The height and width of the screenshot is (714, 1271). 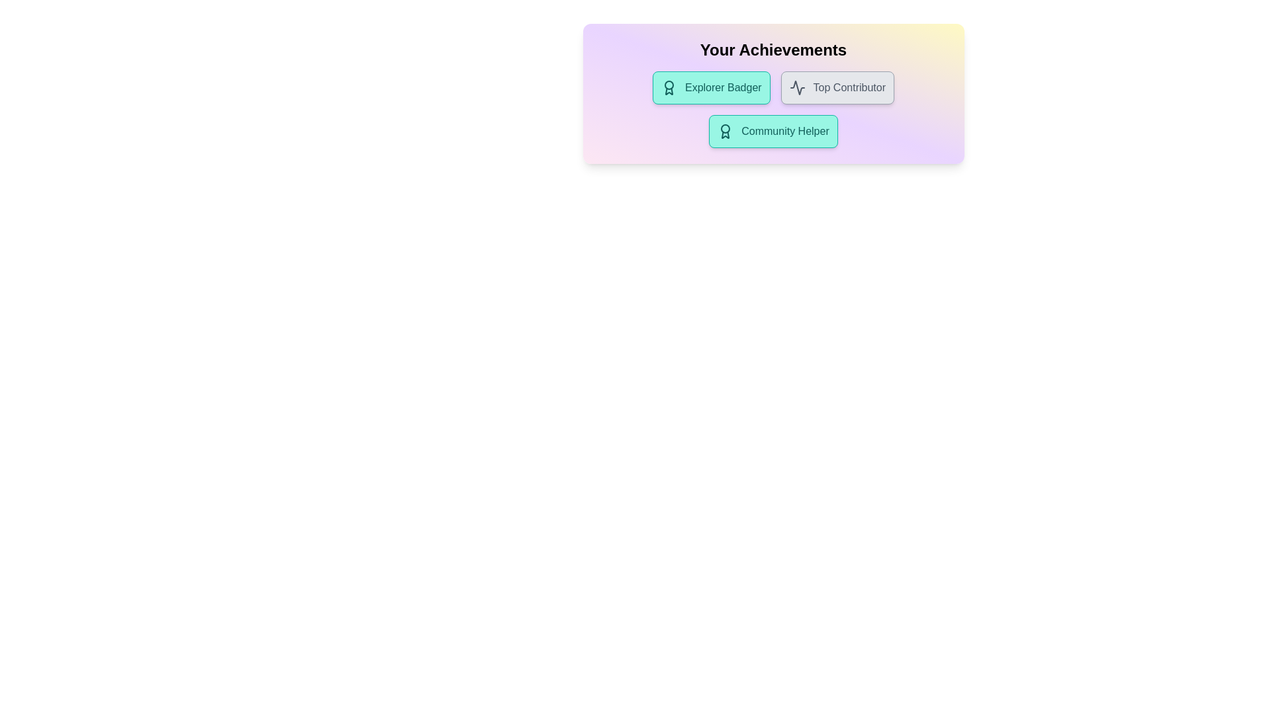 What do you see at coordinates (669, 87) in the screenshot?
I see `the icon within the chip labeled 'Explorer Badger'` at bounding box center [669, 87].